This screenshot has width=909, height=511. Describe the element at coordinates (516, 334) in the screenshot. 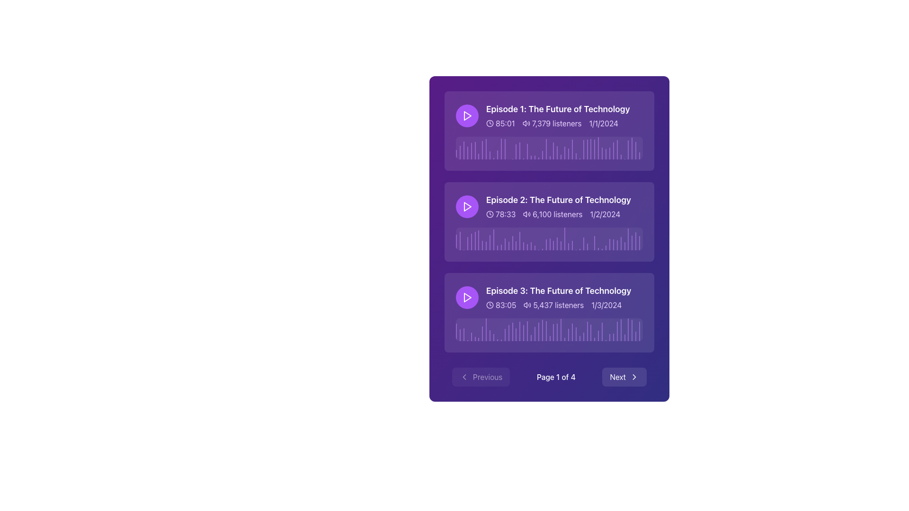

I see `the 17th vertical bar in the waveform representation of the third episode card, which serves as a visual marker for specific moments in the audio` at that location.